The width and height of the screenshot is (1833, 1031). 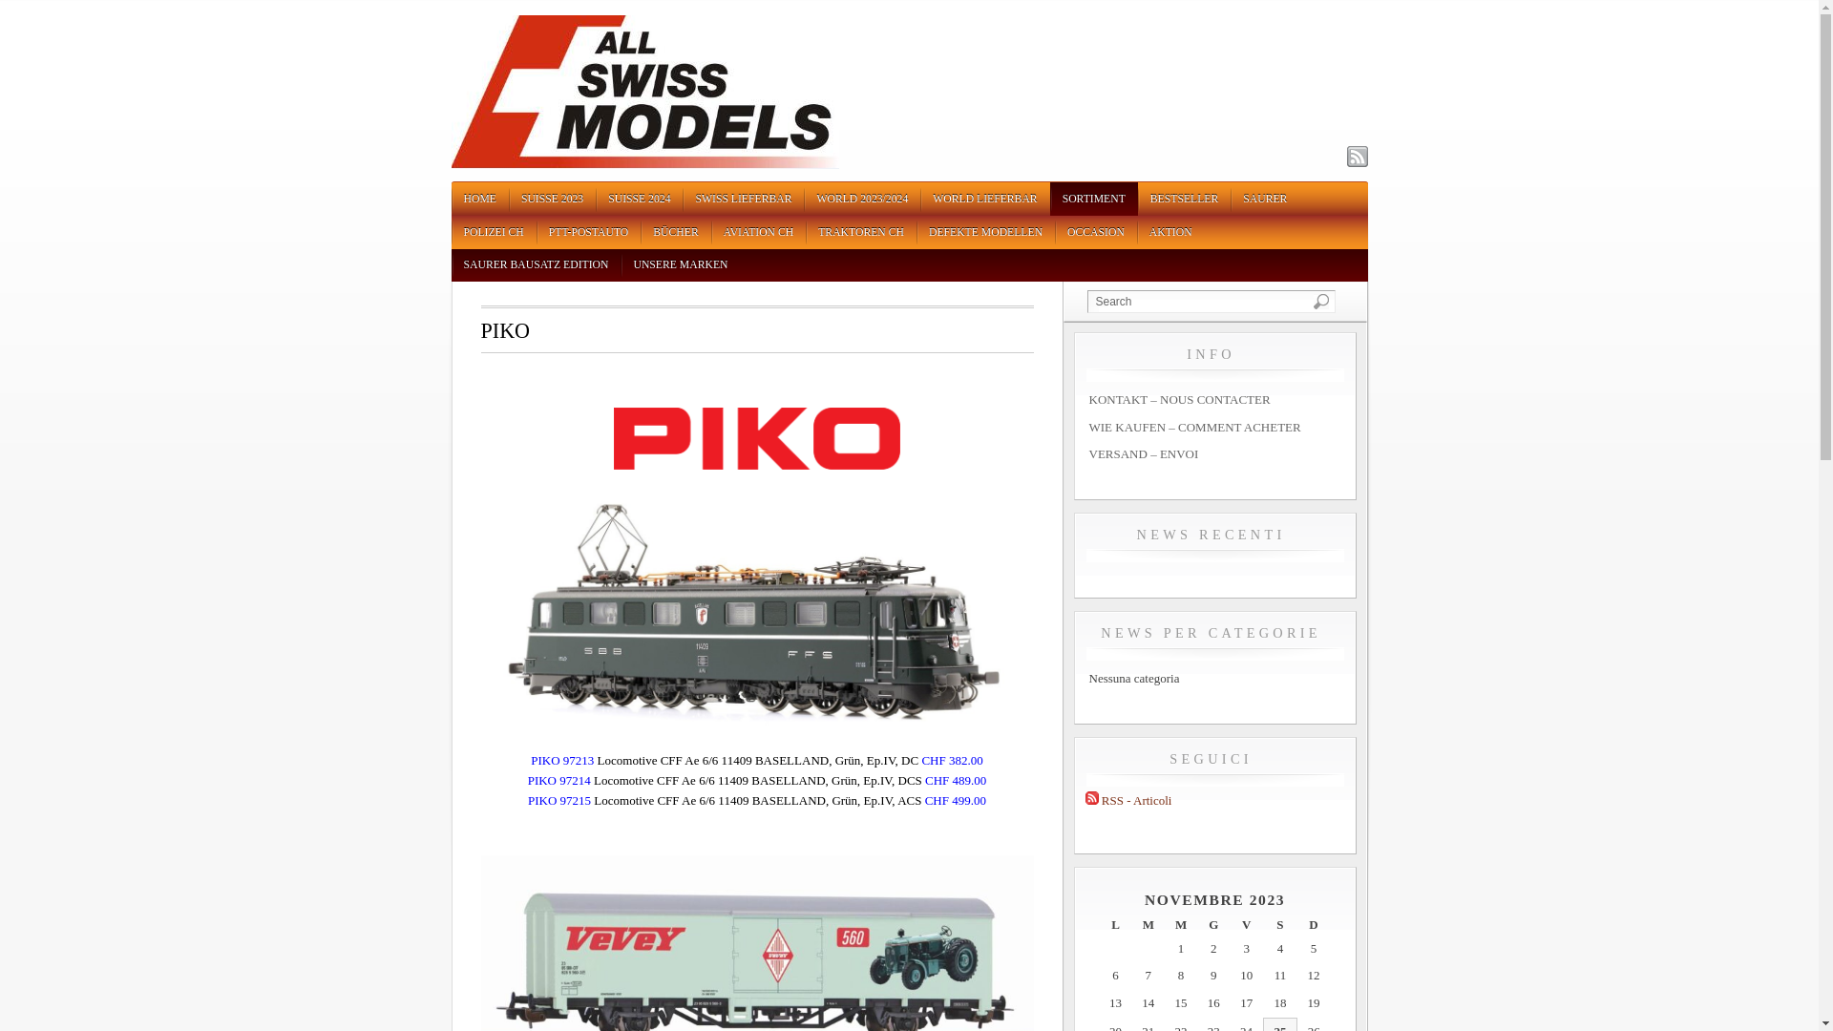 What do you see at coordinates (984, 199) in the screenshot?
I see `'WORLD LIEFERBAR'` at bounding box center [984, 199].